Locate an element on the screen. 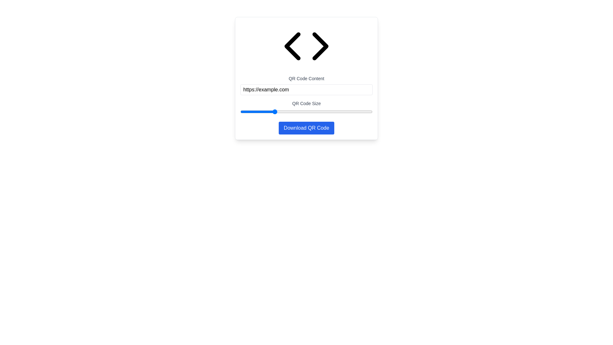  the QR code size is located at coordinates (320, 111).